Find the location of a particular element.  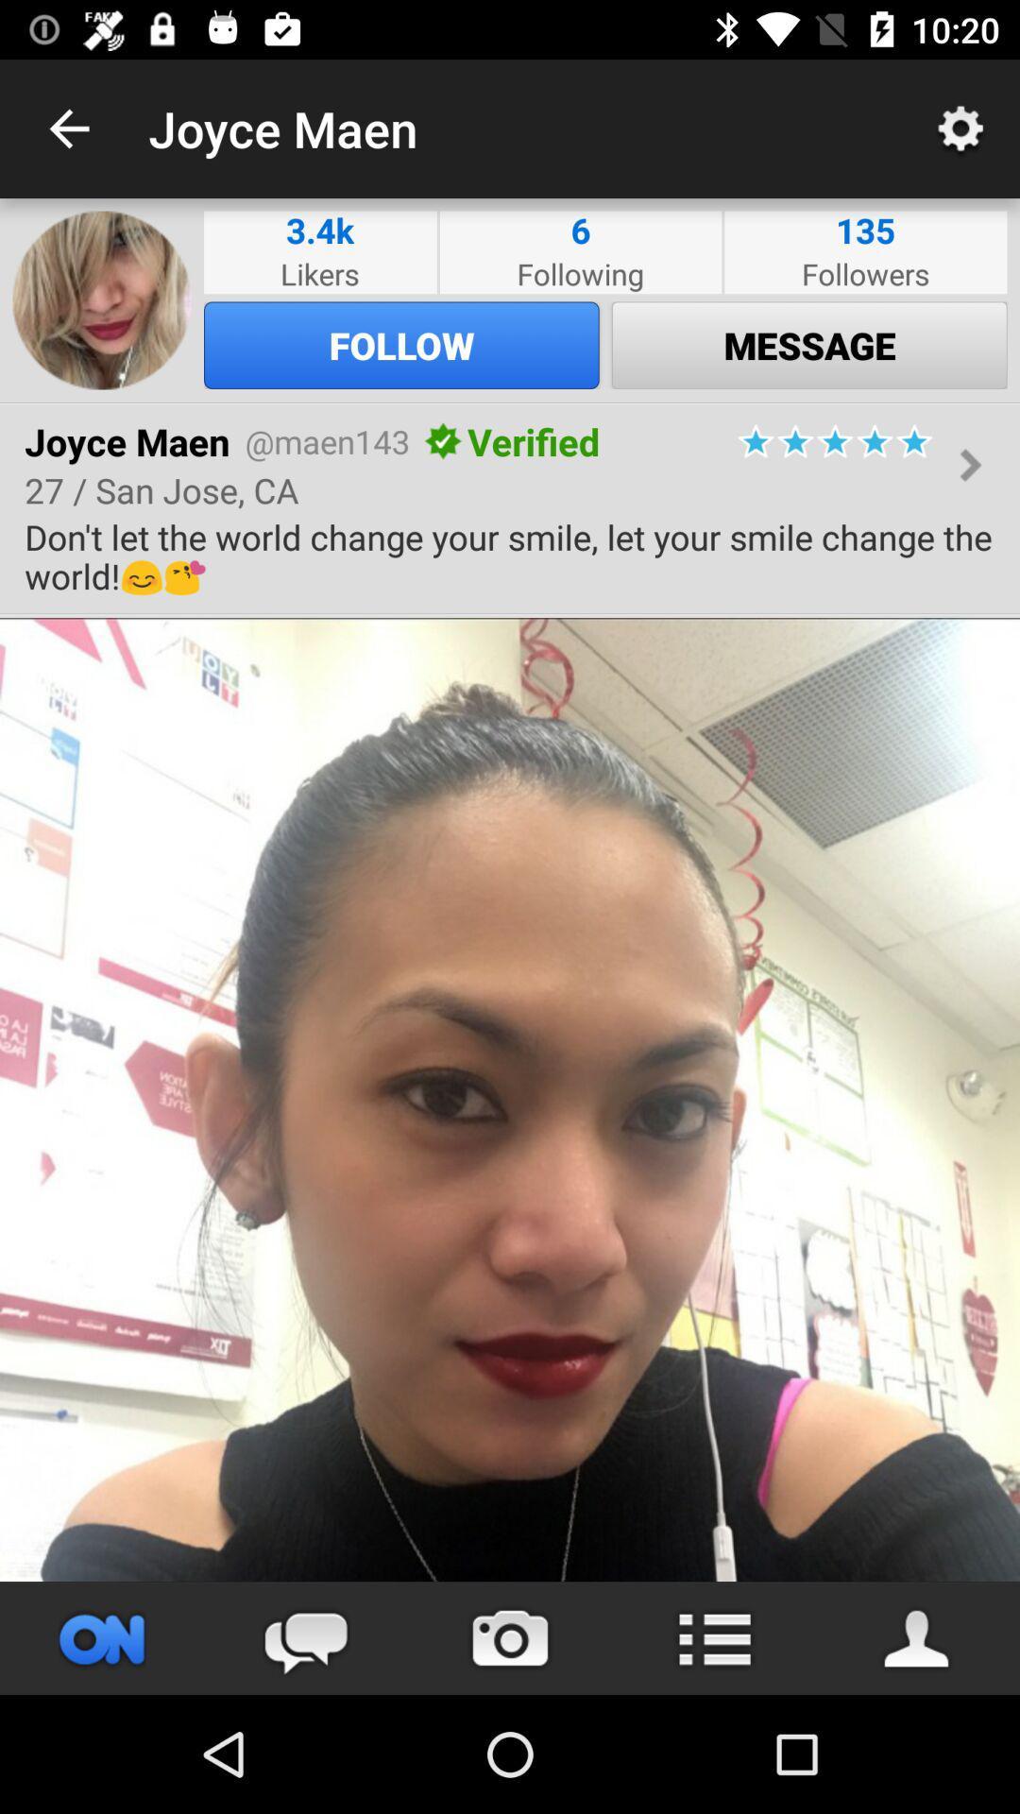

the icon next to the follow item is located at coordinates (808, 345).